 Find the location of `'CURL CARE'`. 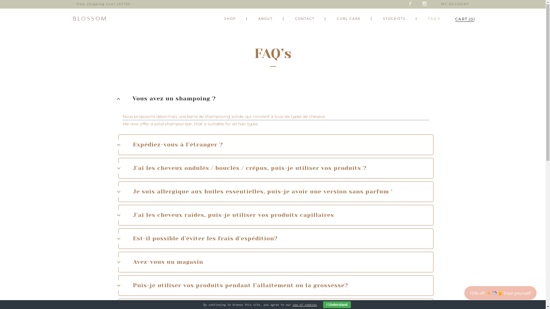

'CURL CARE' is located at coordinates (348, 18).